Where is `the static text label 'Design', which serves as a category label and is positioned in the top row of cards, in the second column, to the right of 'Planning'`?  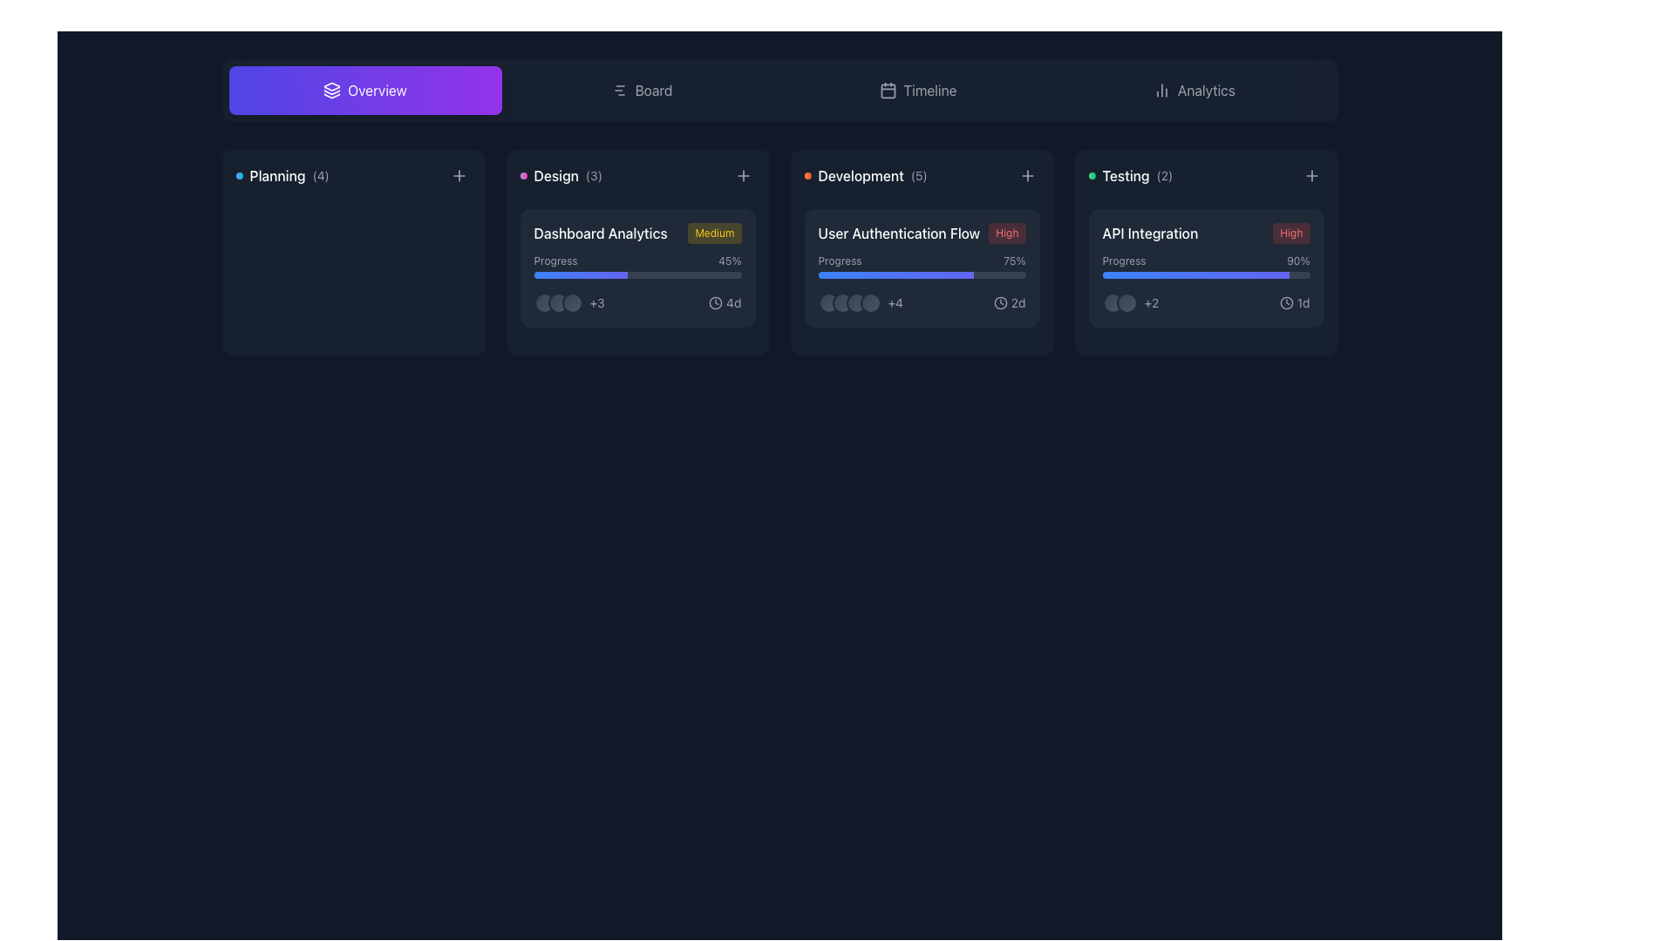 the static text label 'Design', which serves as a category label and is positioned in the top row of cards, in the second column, to the right of 'Planning' is located at coordinates (555, 175).